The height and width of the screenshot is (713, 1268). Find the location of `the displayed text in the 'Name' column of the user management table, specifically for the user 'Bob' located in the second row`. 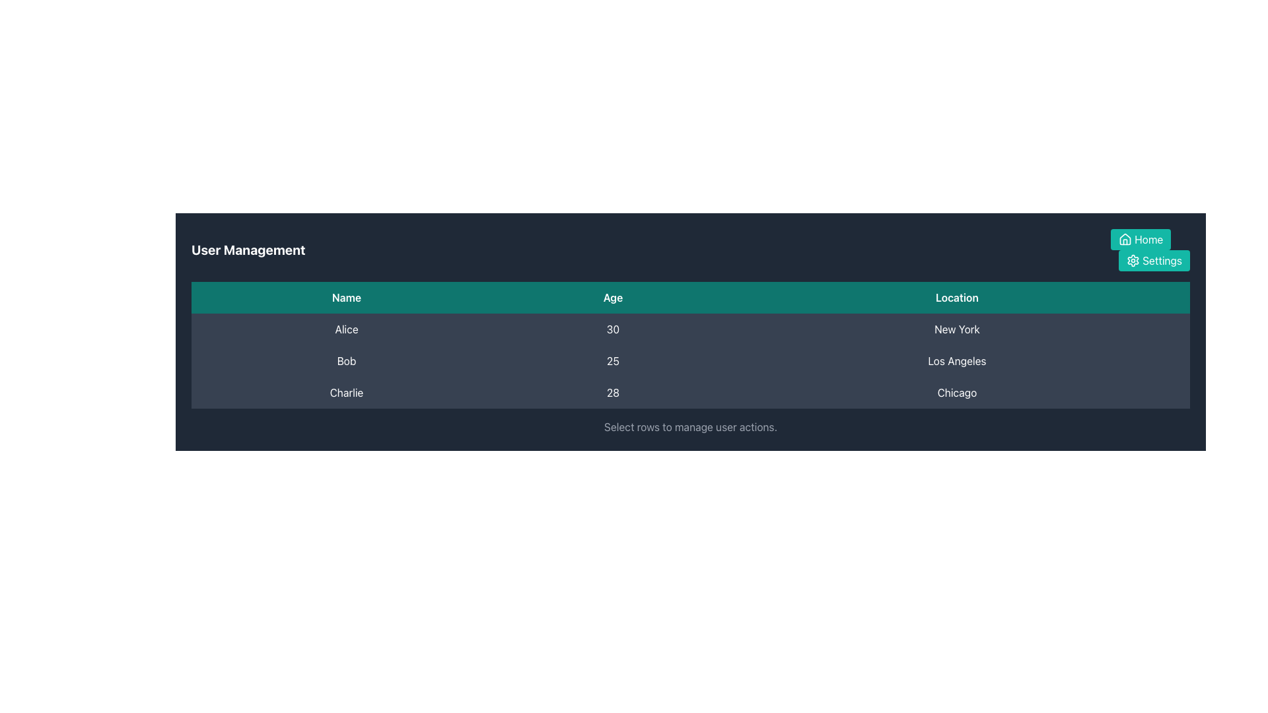

the displayed text in the 'Name' column of the user management table, specifically for the user 'Bob' located in the second row is located at coordinates (346, 361).